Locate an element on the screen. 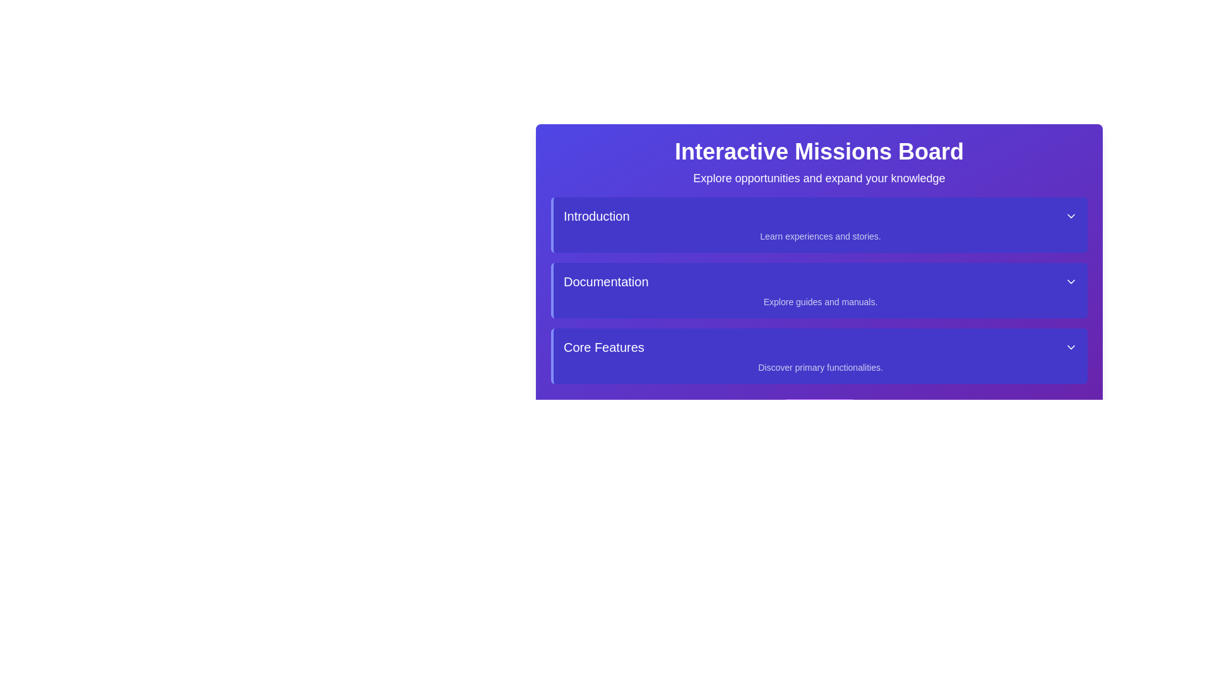 The height and width of the screenshot is (681, 1212). the downward pointing arrow icon (toggle control) located at the far-right of the 'Core Features' section is located at coordinates (1071, 347).